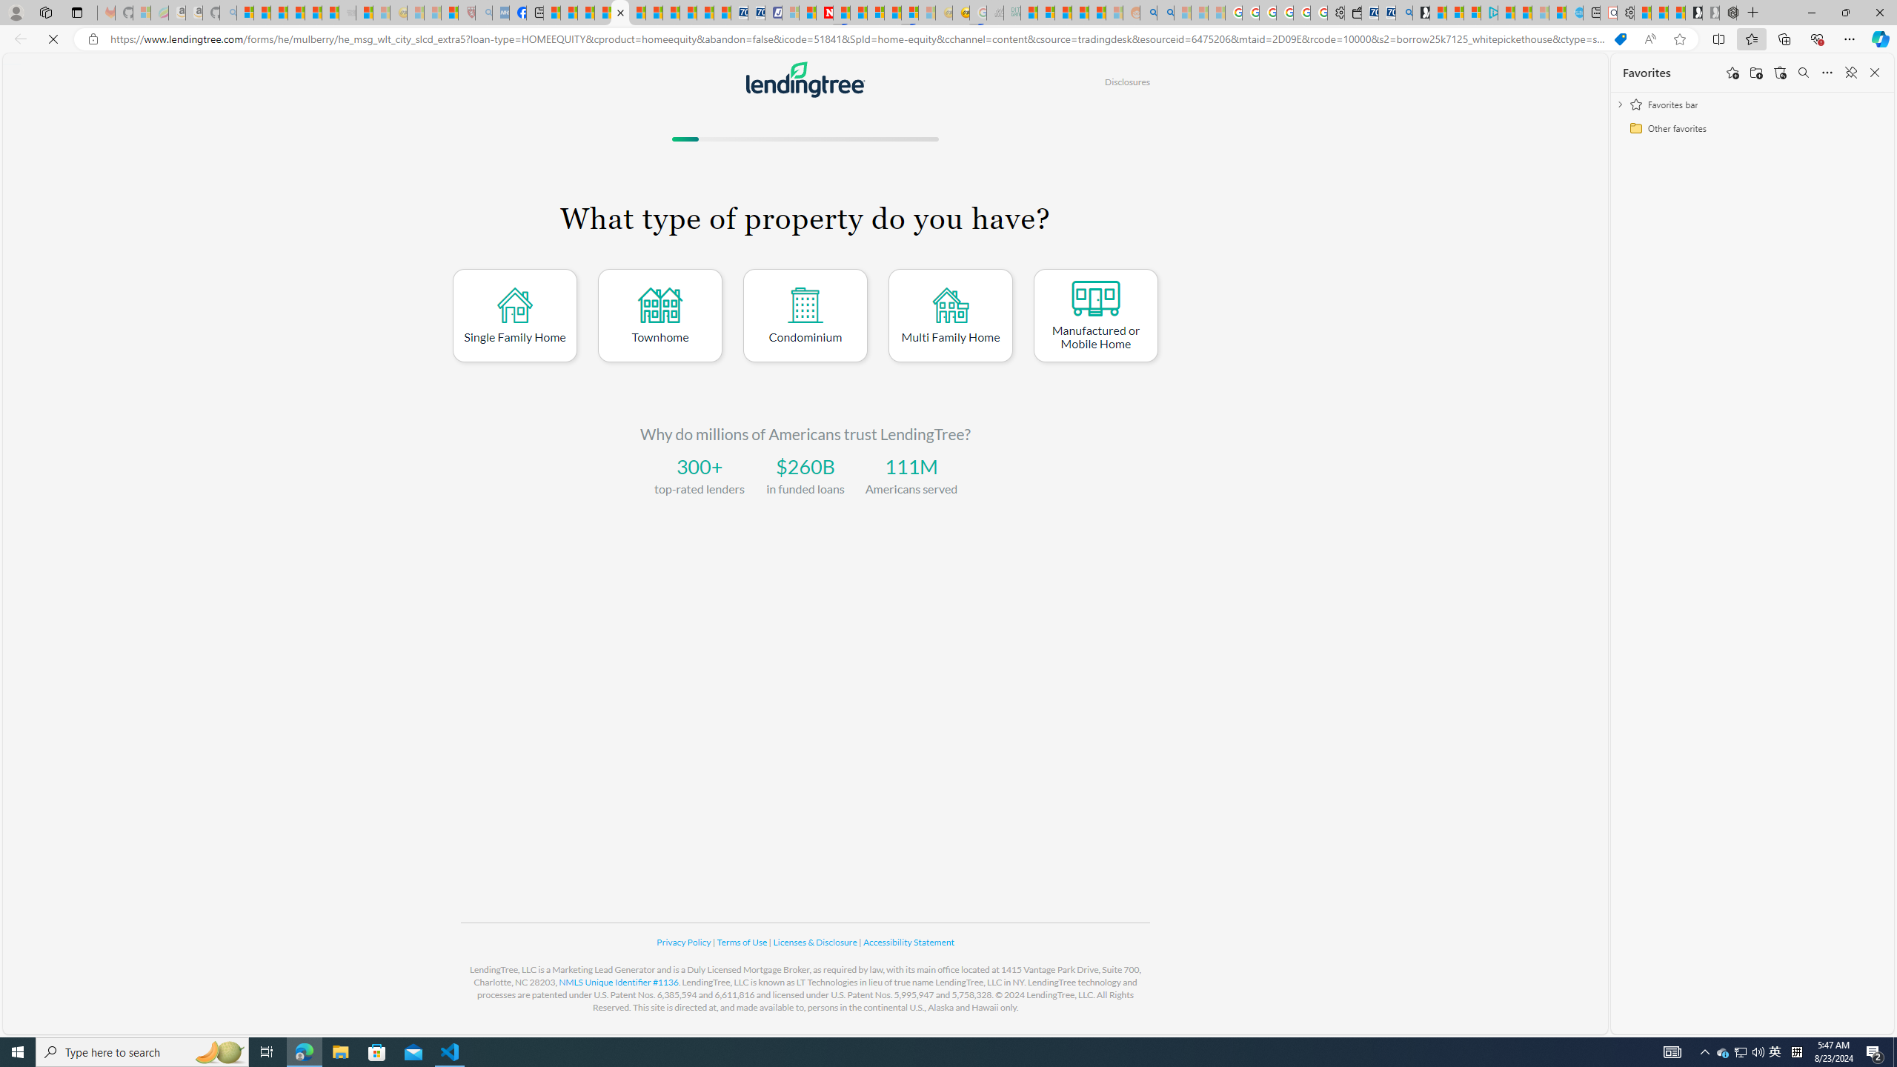  What do you see at coordinates (142, 12) in the screenshot?
I see `'Microsoft-Report a Concern to Bing - Sleeping'` at bounding box center [142, 12].